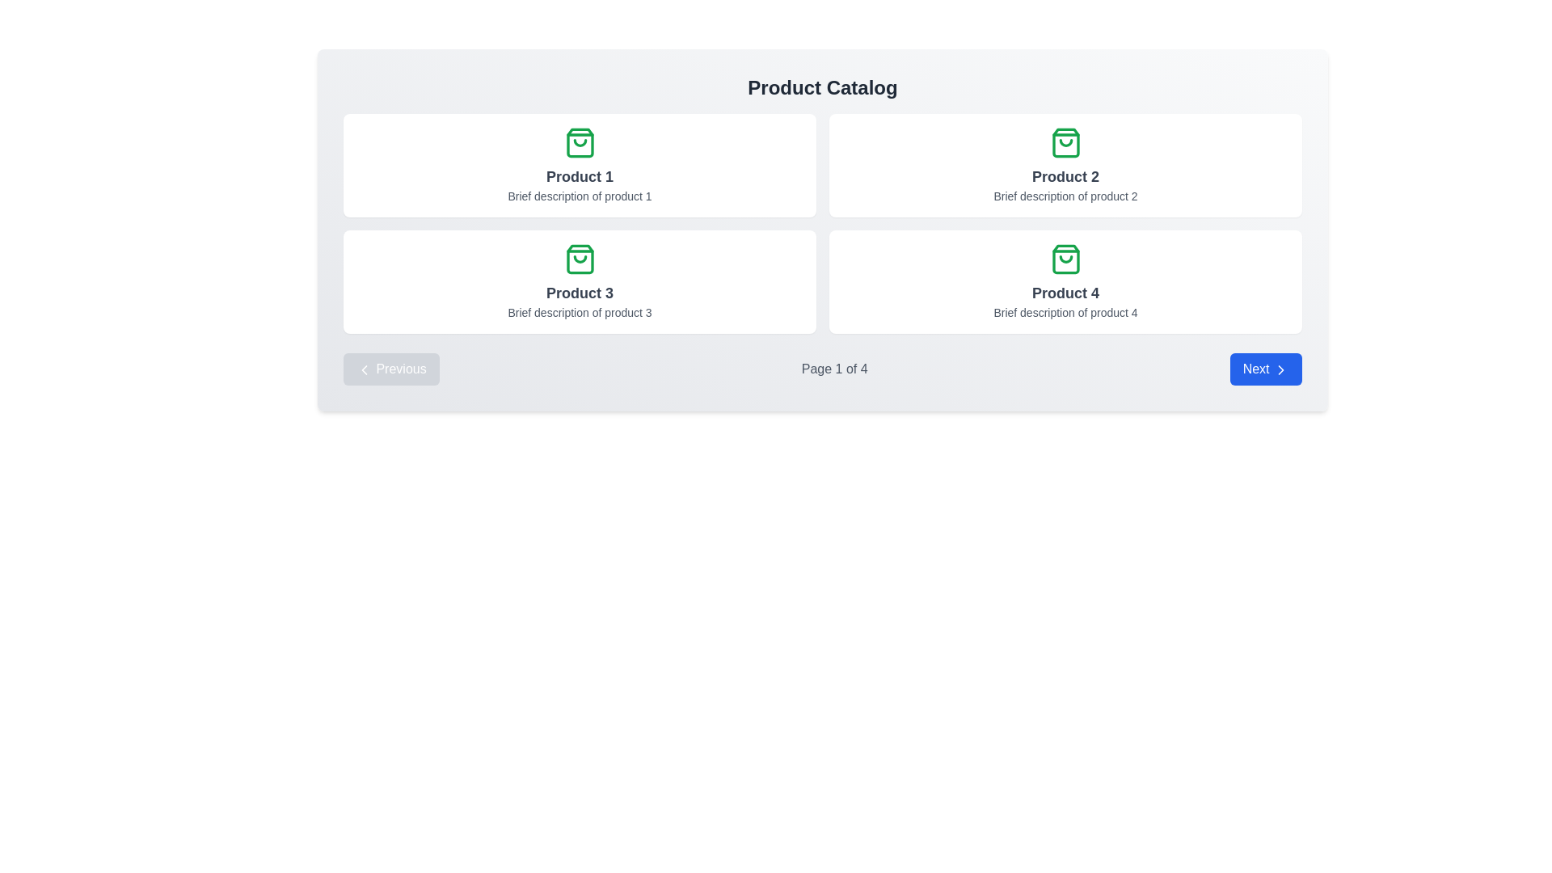  What do you see at coordinates (580, 280) in the screenshot?
I see `the product listing card located in the bottom-left section of a 2x2 grid, which displays the product information and is the third card beneath 'Product 1' and to the left of 'Product 4'` at bounding box center [580, 280].